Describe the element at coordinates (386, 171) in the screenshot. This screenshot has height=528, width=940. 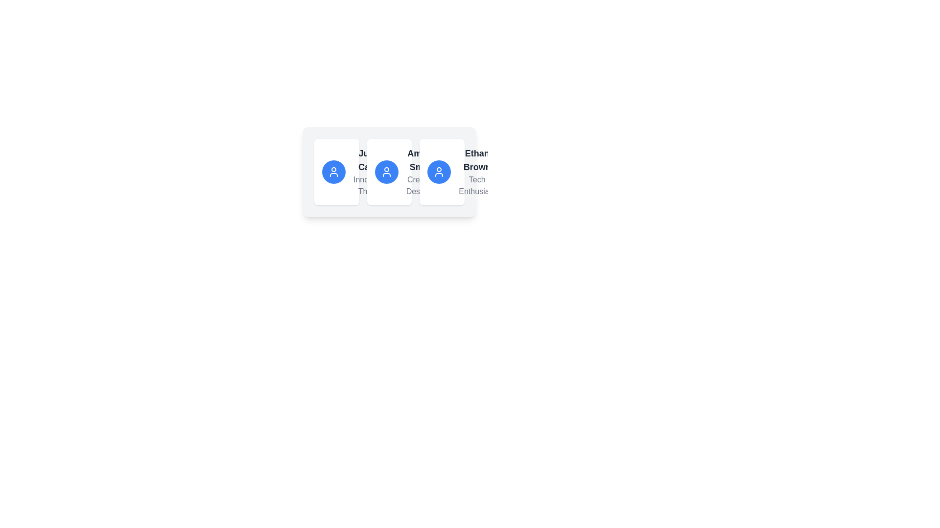
I see `the circular profile icon representing 'Amelia Smith', the second icon among three, for accessibility navigation` at that location.